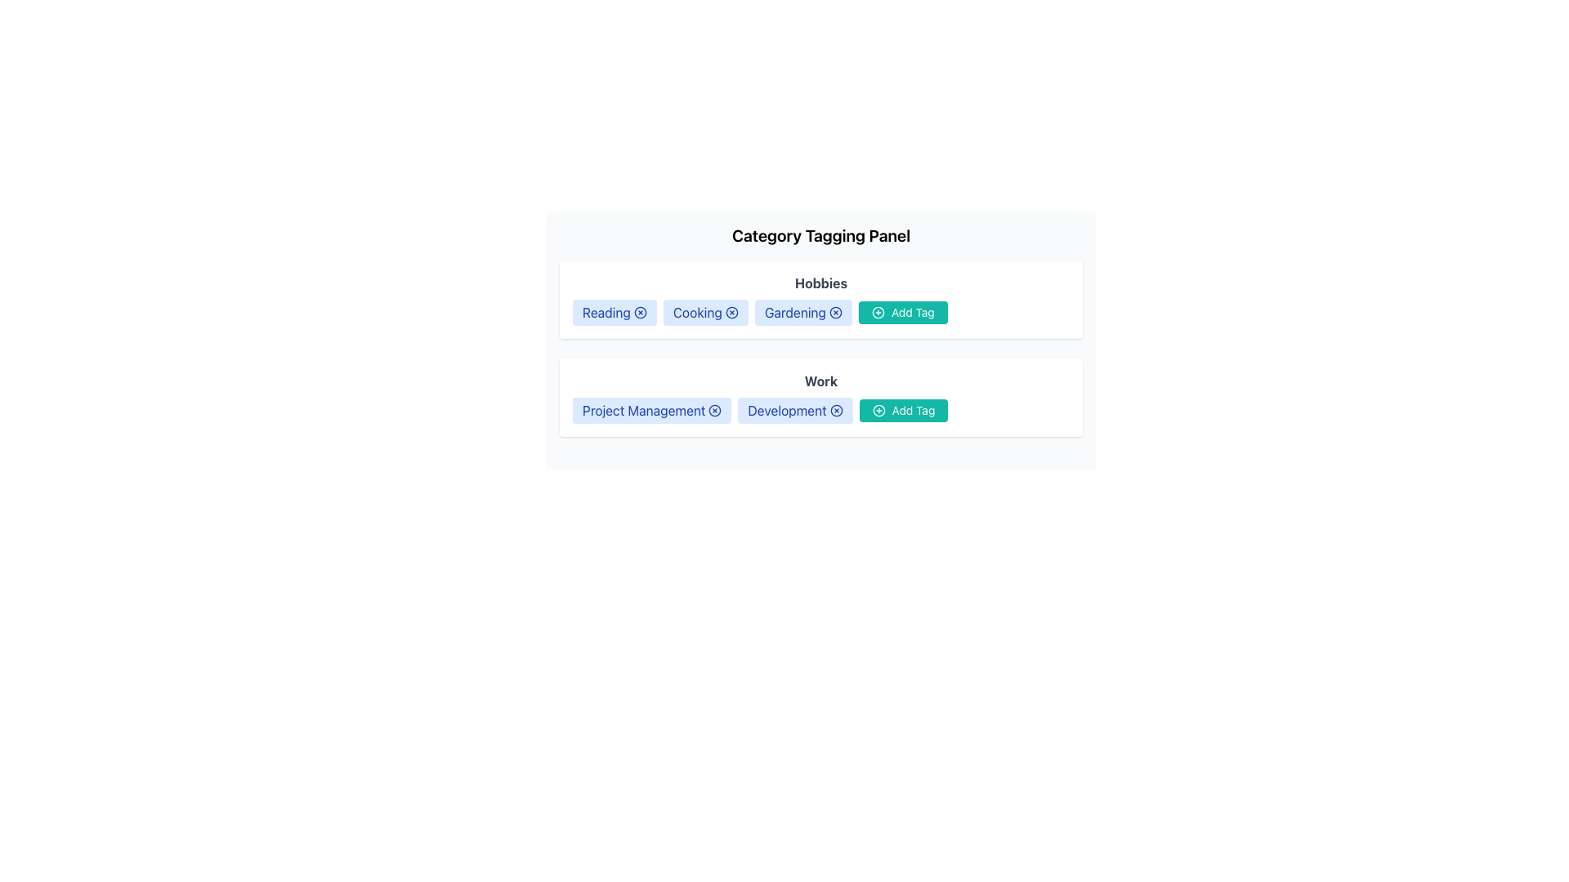 The height and width of the screenshot is (882, 1569). I want to click on the Circle-button with a cross inside, so click(731, 312).